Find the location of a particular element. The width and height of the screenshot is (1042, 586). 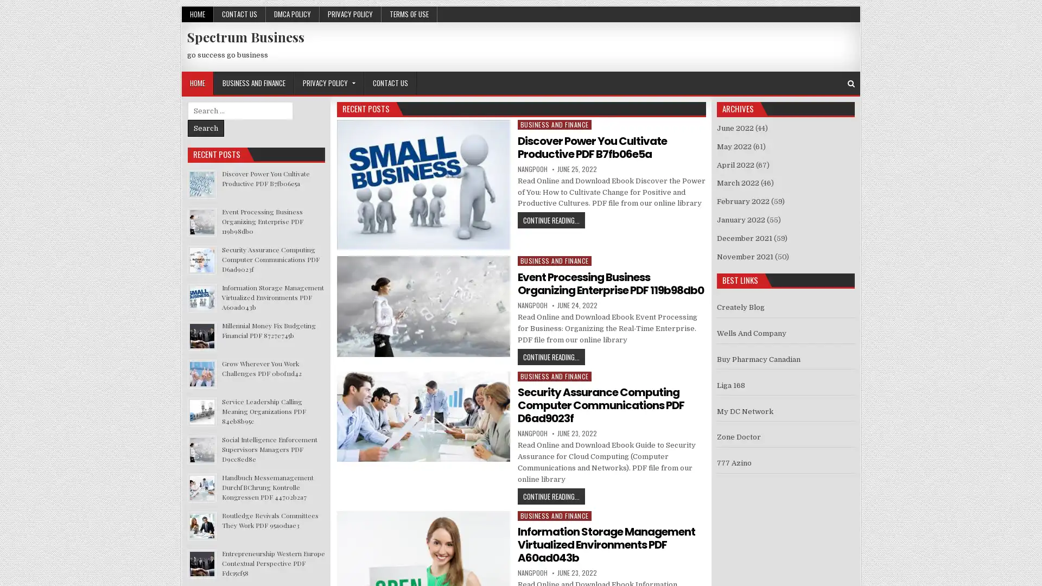

Search is located at coordinates (205, 128).